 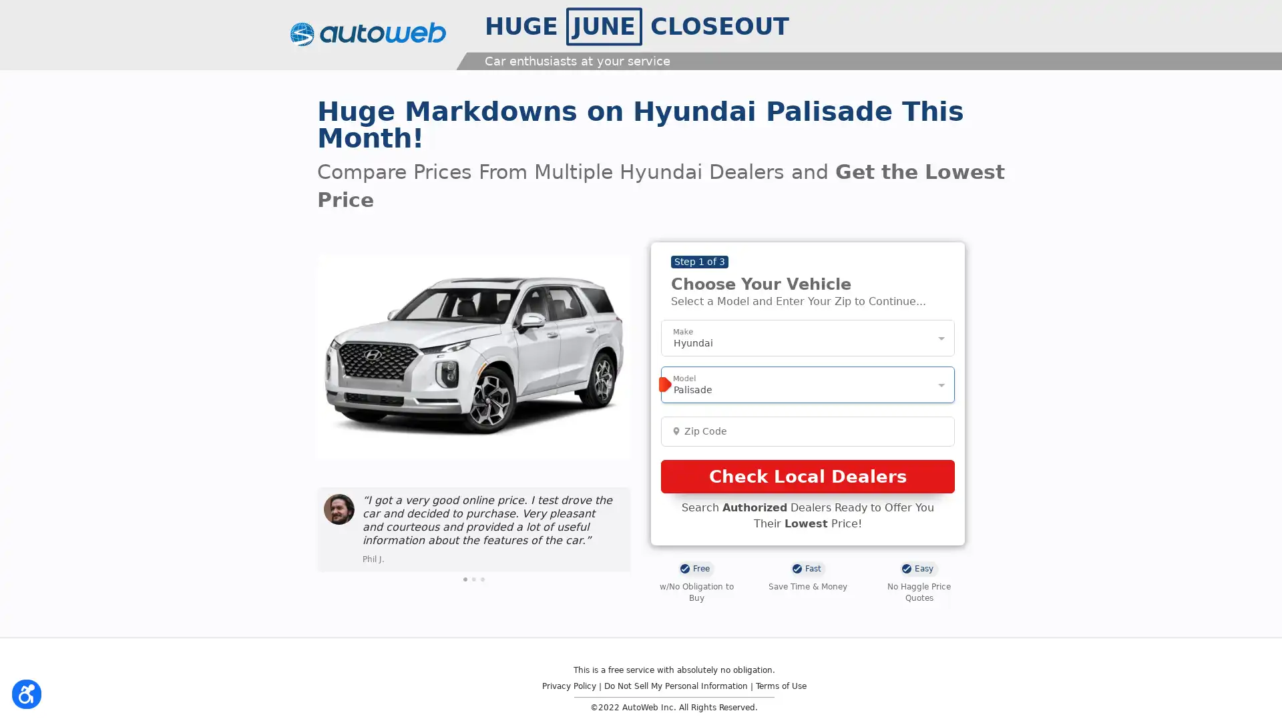 I want to click on Carousel Page 3, so click(x=482, y=578).